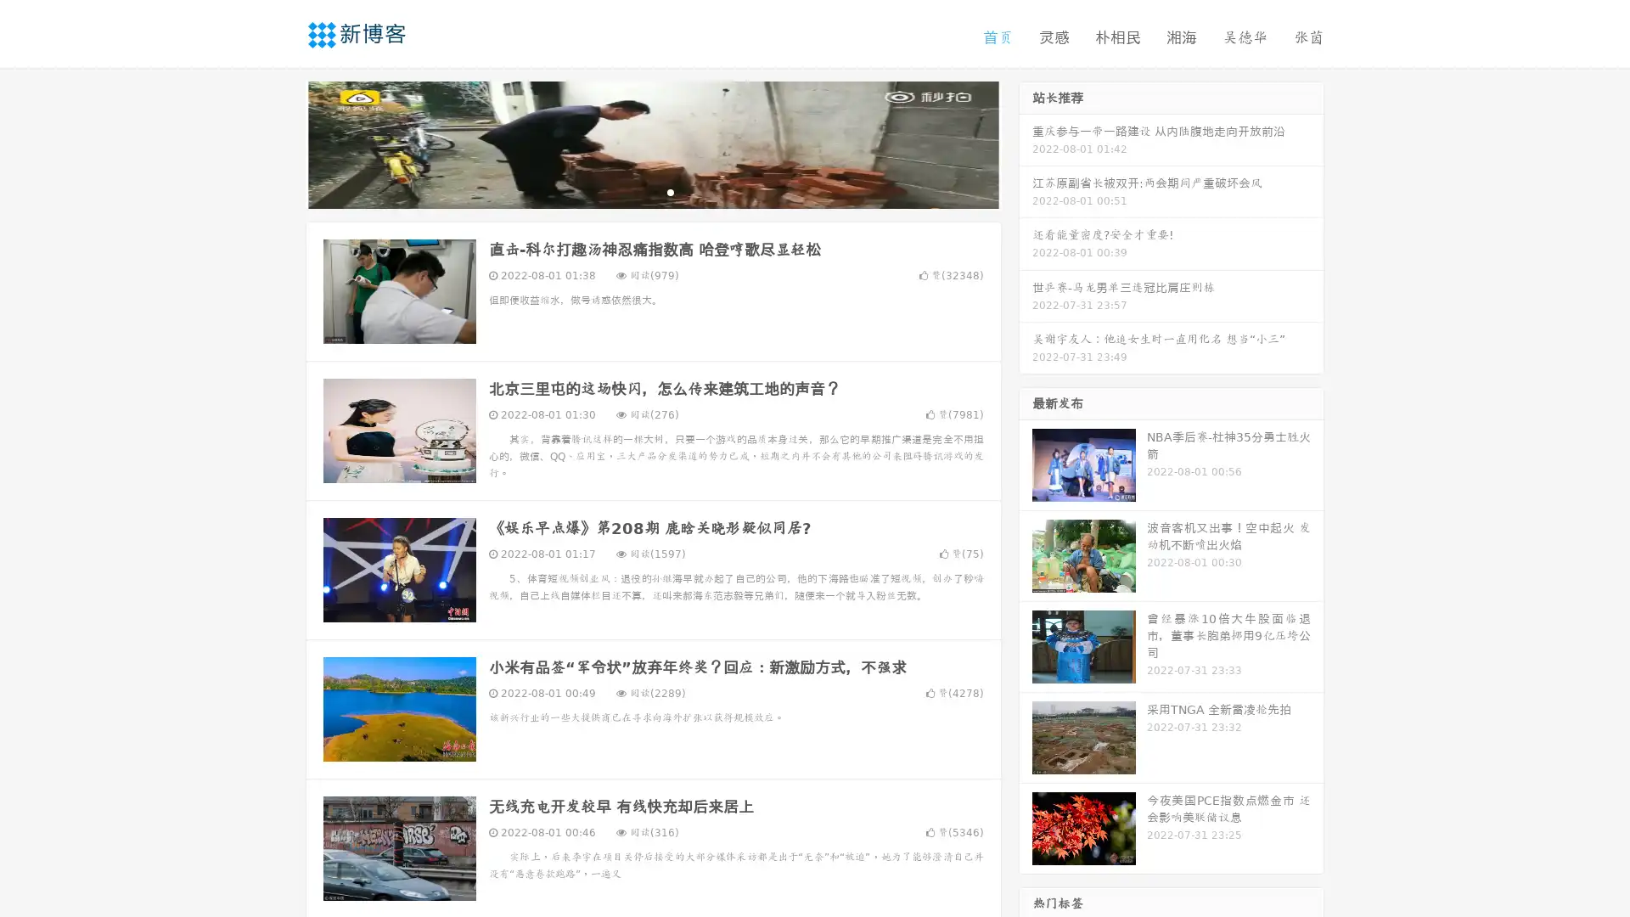  Describe the element at coordinates (652, 191) in the screenshot. I see `Go to slide 2` at that location.